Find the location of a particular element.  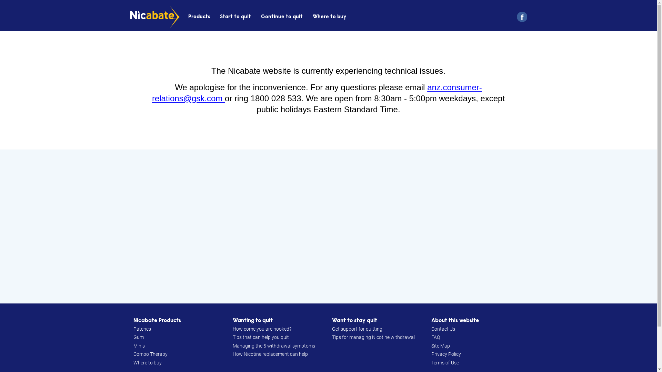

'Want to stay quit' is located at coordinates (354, 320).